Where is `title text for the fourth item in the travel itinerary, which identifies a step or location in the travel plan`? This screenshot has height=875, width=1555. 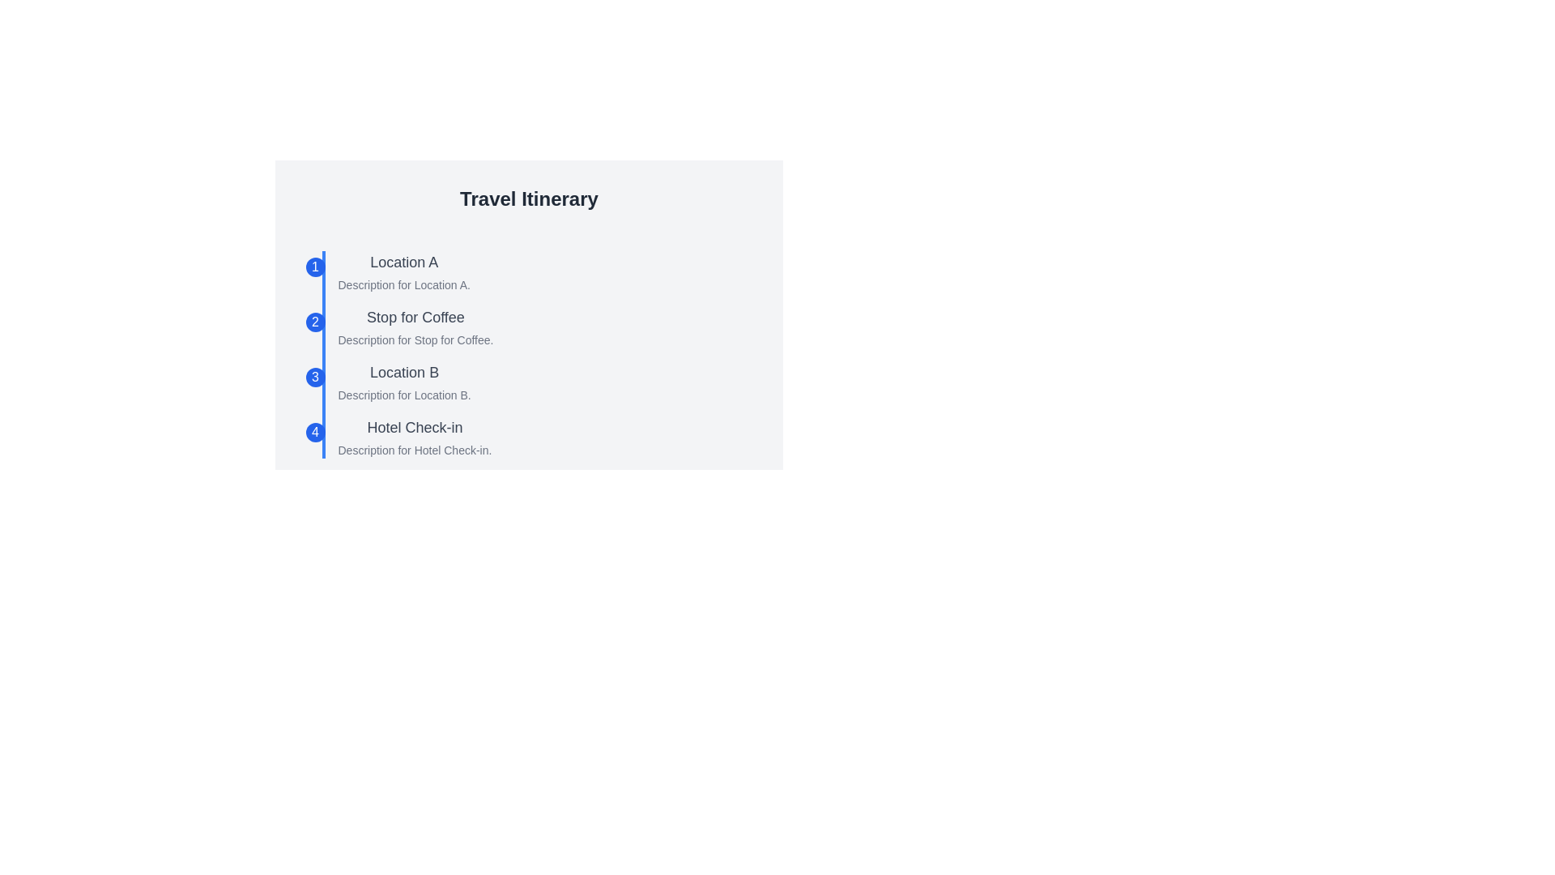
title text for the fourth item in the travel itinerary, which identifies a step or location in the travel plan is located at coordinates (415, 427).